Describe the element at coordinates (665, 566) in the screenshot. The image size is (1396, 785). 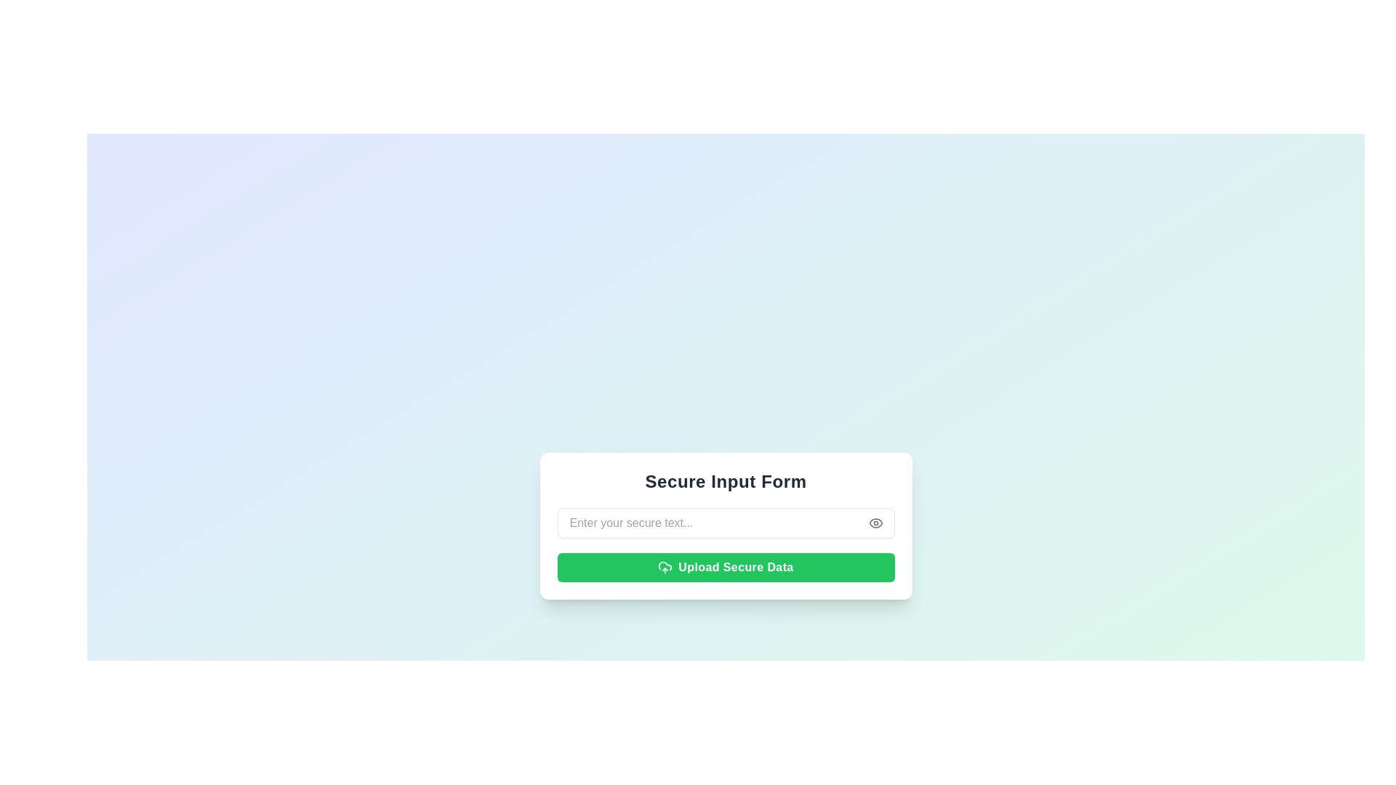
I see `the cloud upload icon located to the left of the 'Upload Secure Data' button as part of clicking the button` at that location.